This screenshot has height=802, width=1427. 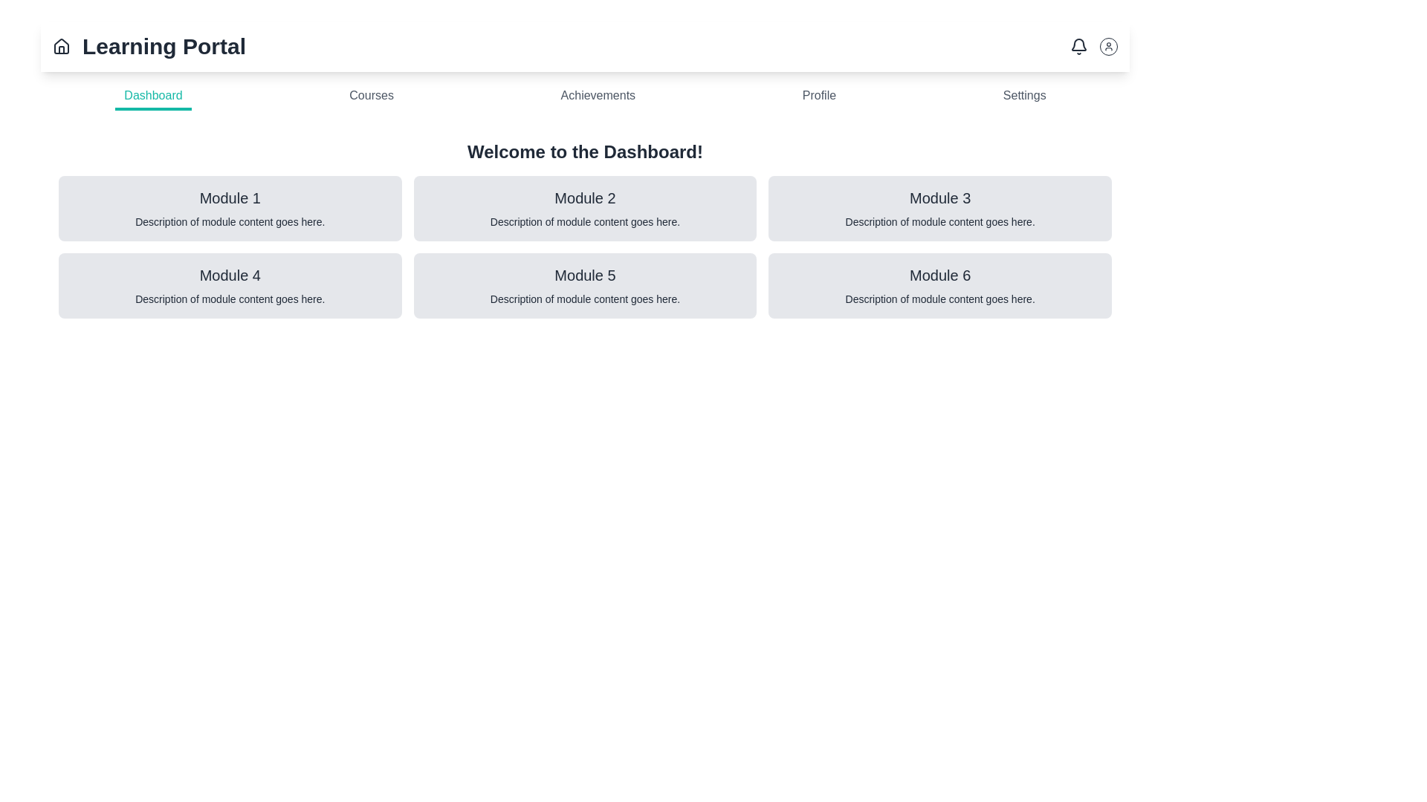 I want to click on text content of the 'Module 6' label located at the top-center of the sixth module card in the grid layout, so click(x=939, y=275).